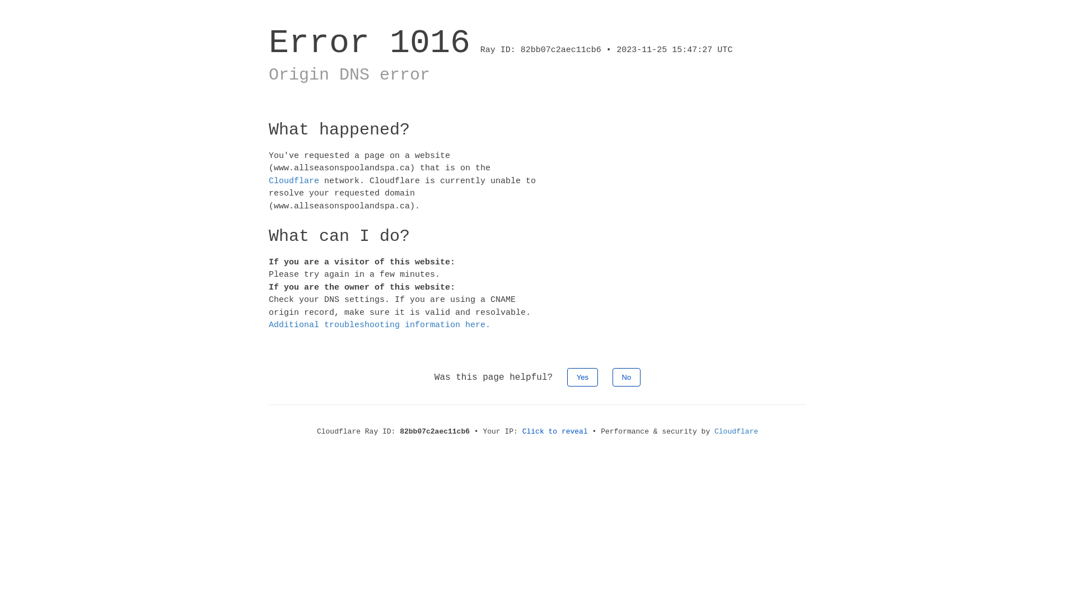 The image size is (1075, 605). What do you see at coordinates (626, 376) in the screenshot?
I see `'No'` at bounding box center [626, 376].